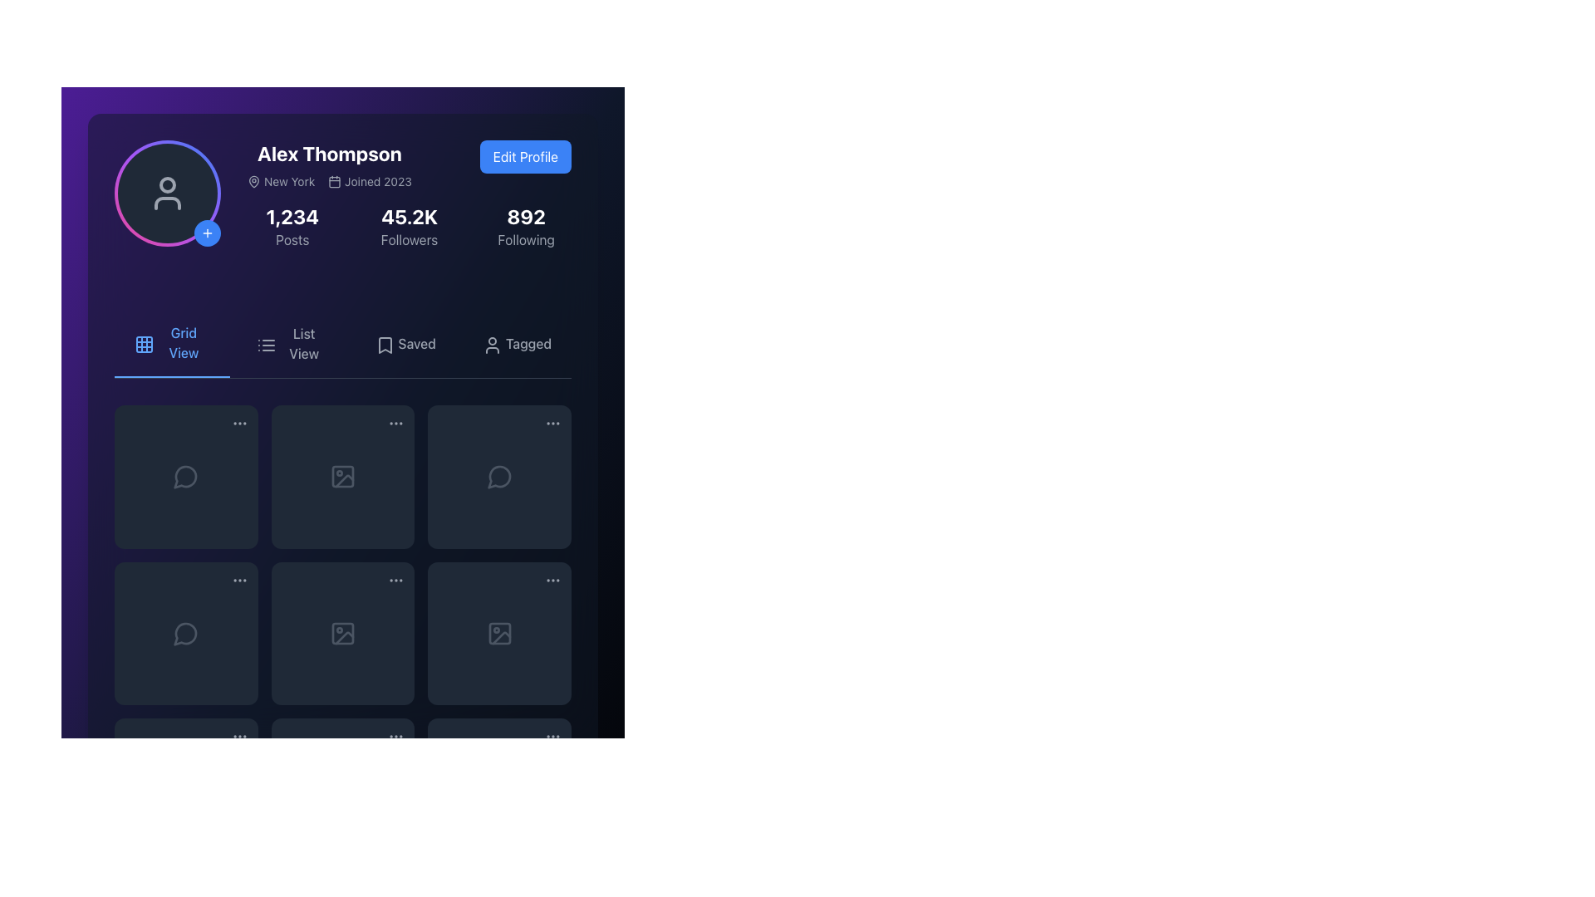  Describe the element at coordinates (553, 422) in the screenshot. I see `the Ellipsis menu icon, which consists of three small gray circles arranged in a row, located in the top-right corner of the rightmost card in the grid layout under the profile section` at that location.